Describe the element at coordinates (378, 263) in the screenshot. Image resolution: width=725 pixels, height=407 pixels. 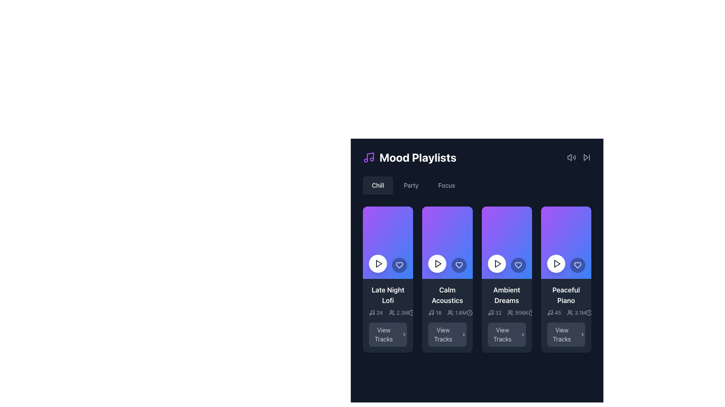
I see `the play button located in the first playlist card to enlarge it` at that location.